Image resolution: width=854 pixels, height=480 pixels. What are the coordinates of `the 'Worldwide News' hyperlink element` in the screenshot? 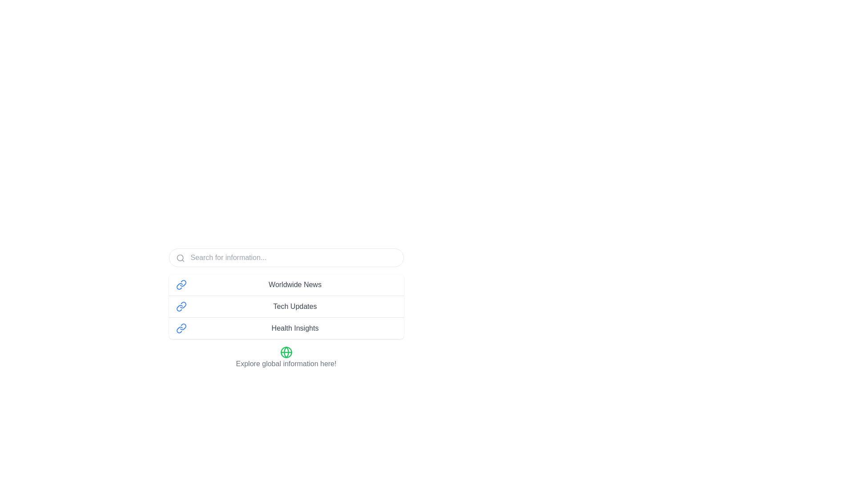 It's located at (295, 284).